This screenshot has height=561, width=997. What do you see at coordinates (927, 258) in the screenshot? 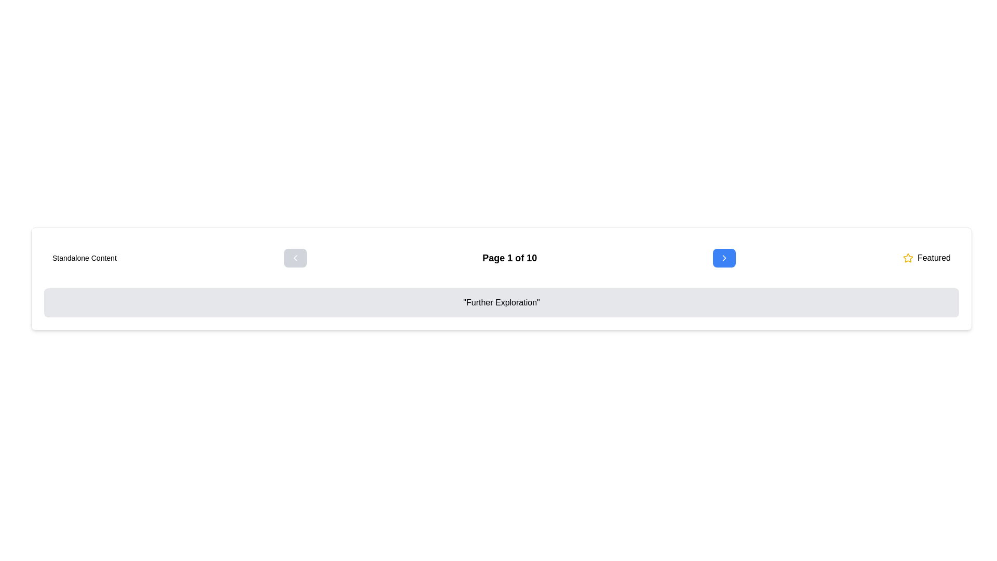
I see `text of the 'Featured' label located next to a star icon with a yellow outline in the top-right corner of the horizontal layout bar` at bounding box center [927, 258].